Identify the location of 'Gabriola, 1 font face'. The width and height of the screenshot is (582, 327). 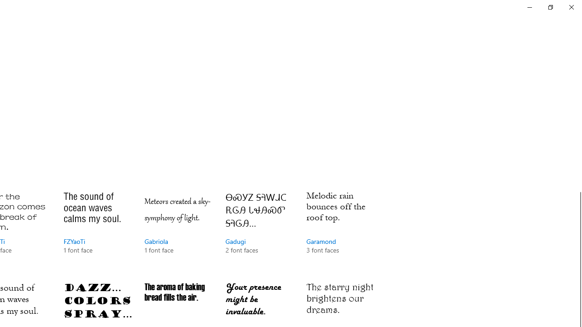
(178, 231).